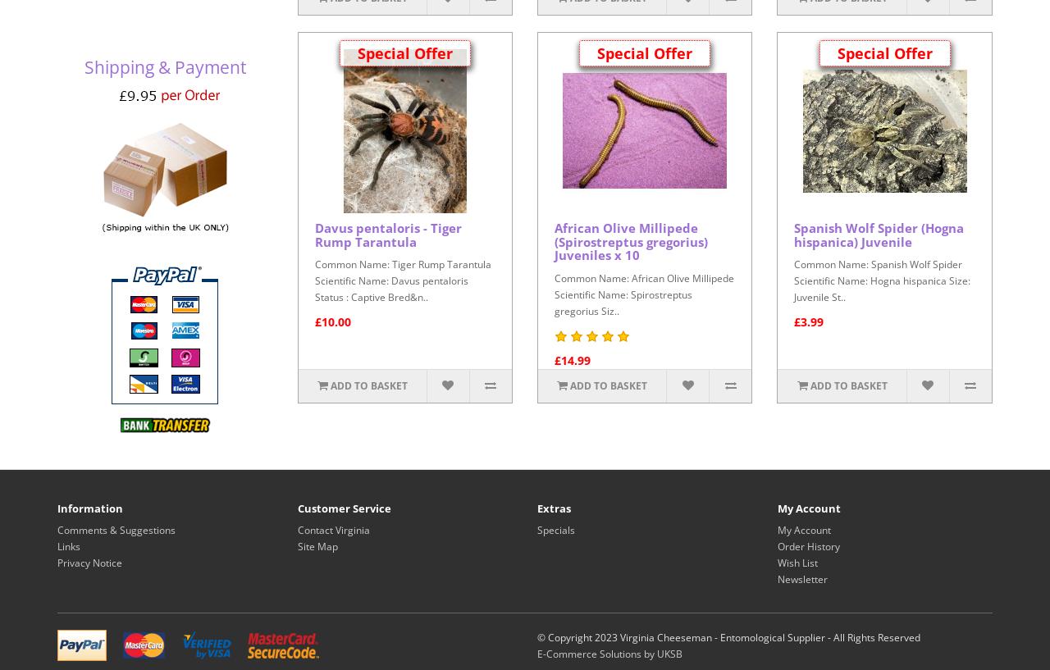  What do you see at coordinates (609, 654) in the screenshot?
I see `'E-Commerce Solutions by UKSB'` at bounding box center [609, 654].